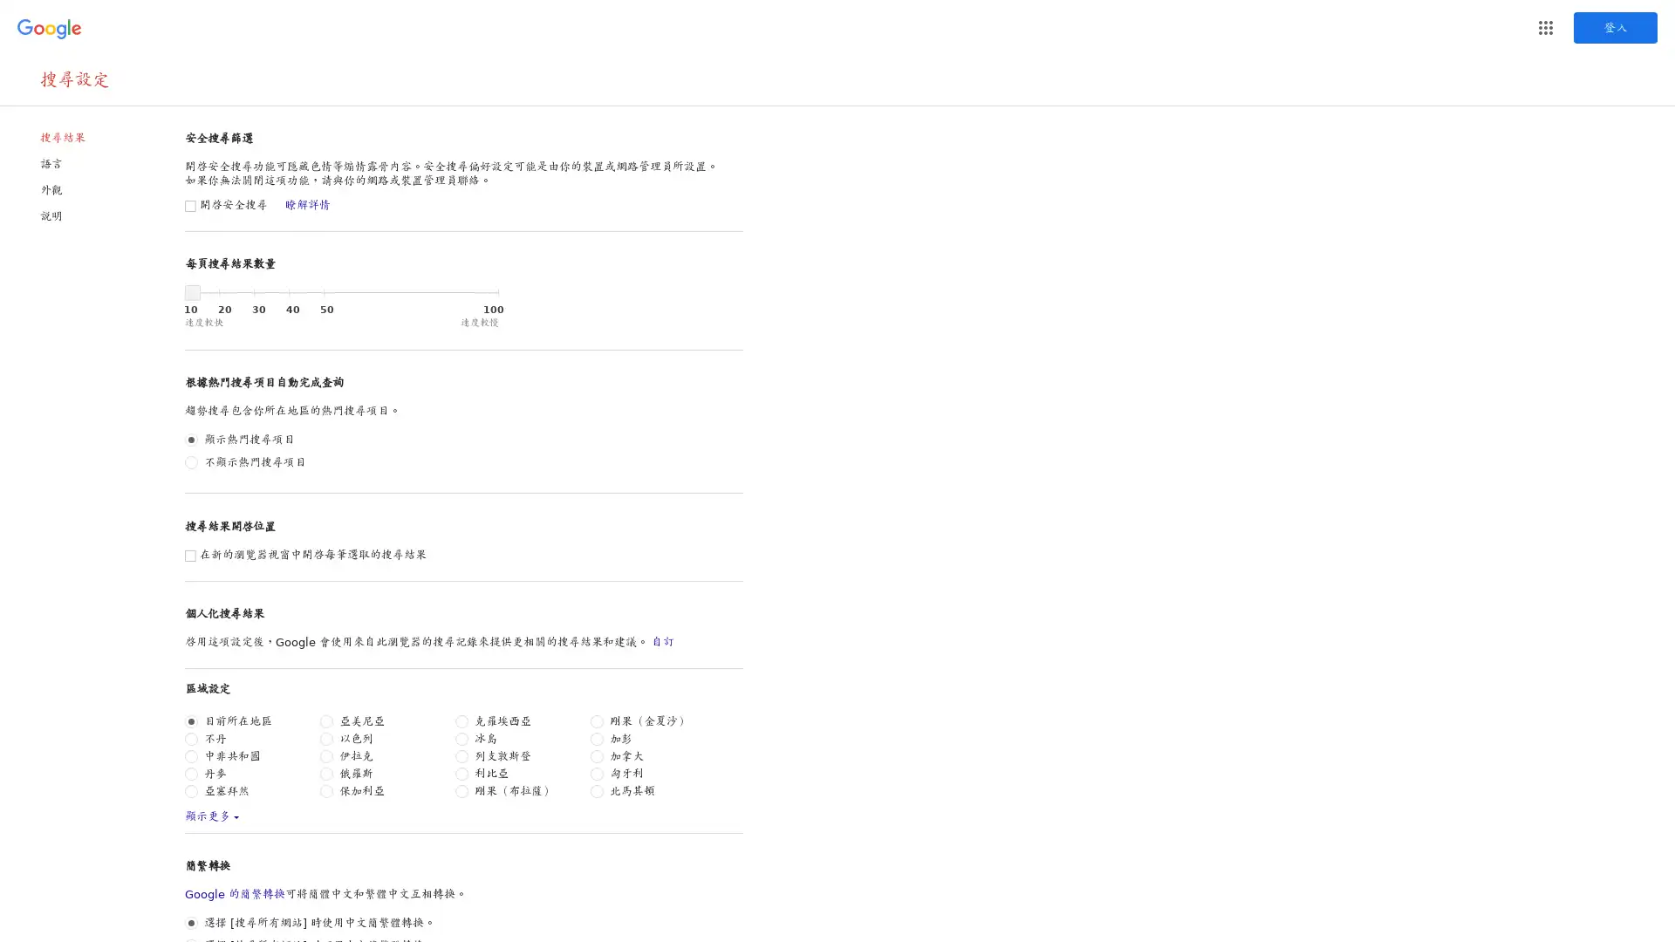 Image resolution: width=1675 pixels, height=942 pixels. What do you see at coordinates (1545, 27) in the screenshot?
I see `Google` at bounding box center [1545, 27].